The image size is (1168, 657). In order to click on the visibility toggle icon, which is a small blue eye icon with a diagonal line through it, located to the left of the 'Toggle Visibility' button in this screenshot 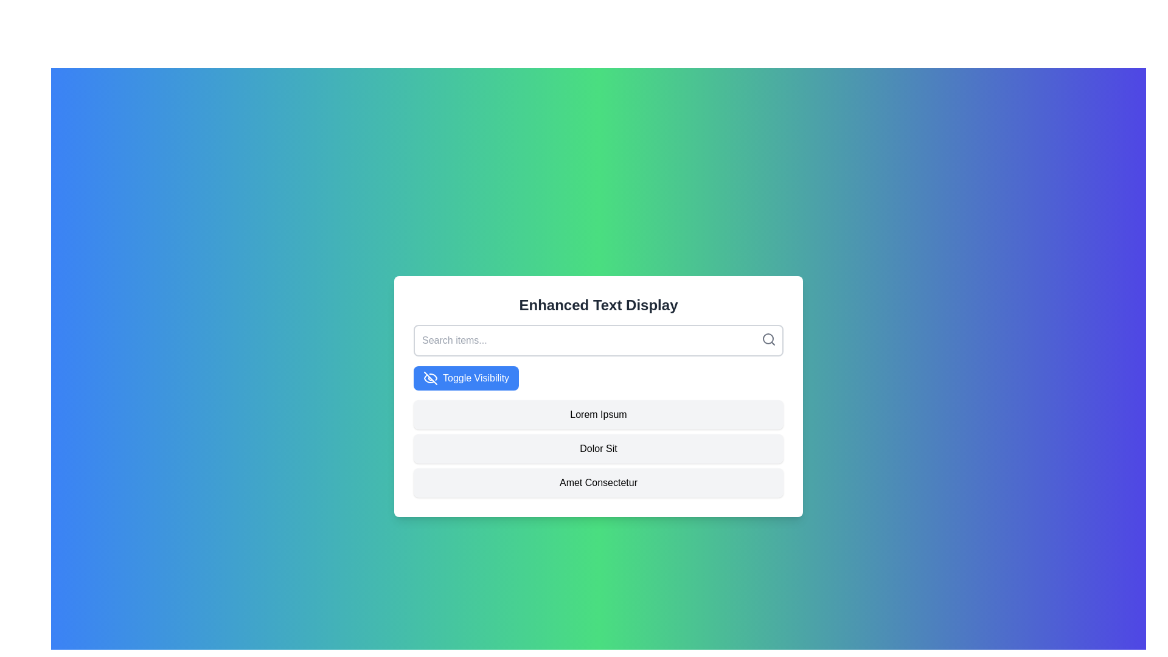, I will do `click(431, 377)`.